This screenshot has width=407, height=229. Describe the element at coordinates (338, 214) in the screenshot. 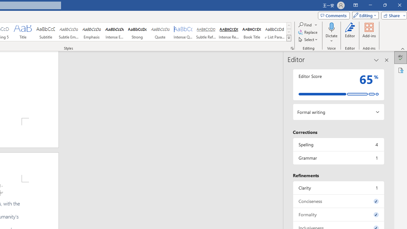

I see `'Formality, 0 issues. Press space or enter to review items.'` at that location.